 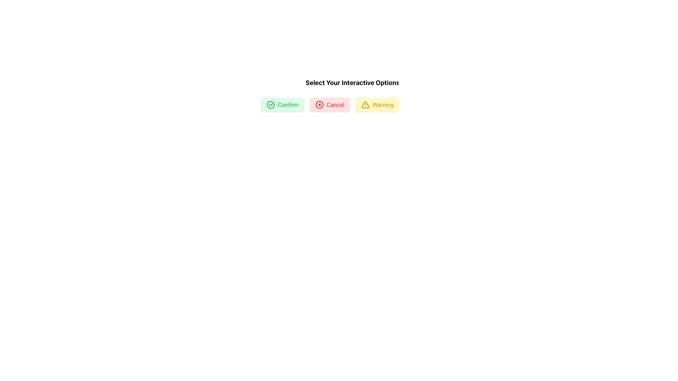 I want to click on the 'Warning' button in the horizontal menu located between 'Cancel' and 'Protect', so click(x=353, y=105).